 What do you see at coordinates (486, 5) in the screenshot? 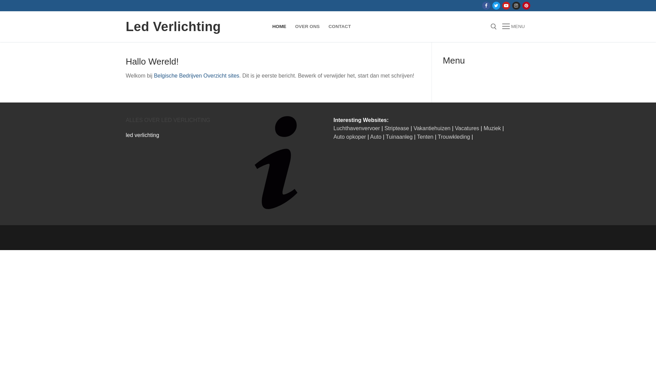
I see `'Facebook'` at bounding box center [486, 5].